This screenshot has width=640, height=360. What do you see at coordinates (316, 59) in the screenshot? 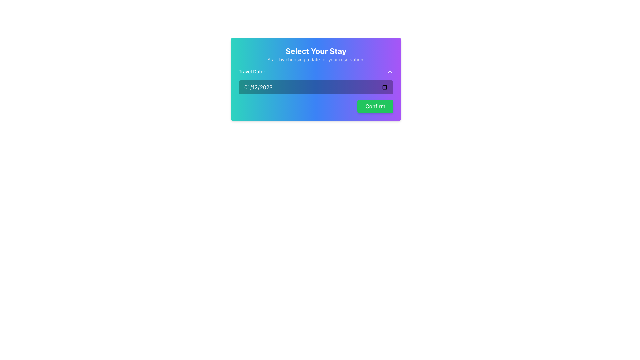
I see `instruction text element that displays 'Start by choosing a date for your reservation.', which is located directly below the 'Select Your Stay' title in the card UI component` at bounding box center [316, 59].